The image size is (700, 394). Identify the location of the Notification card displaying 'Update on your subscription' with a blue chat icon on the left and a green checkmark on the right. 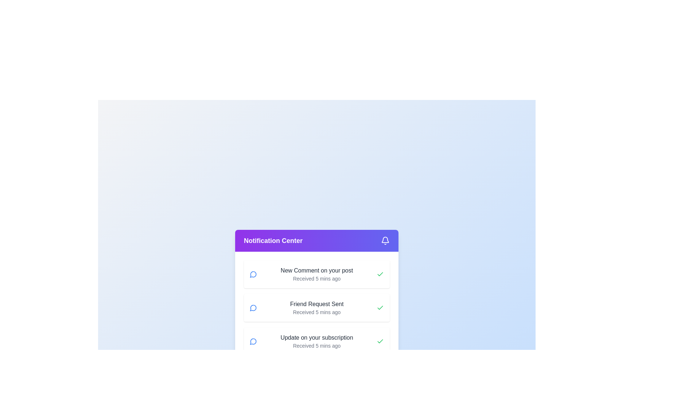
(316, 341).